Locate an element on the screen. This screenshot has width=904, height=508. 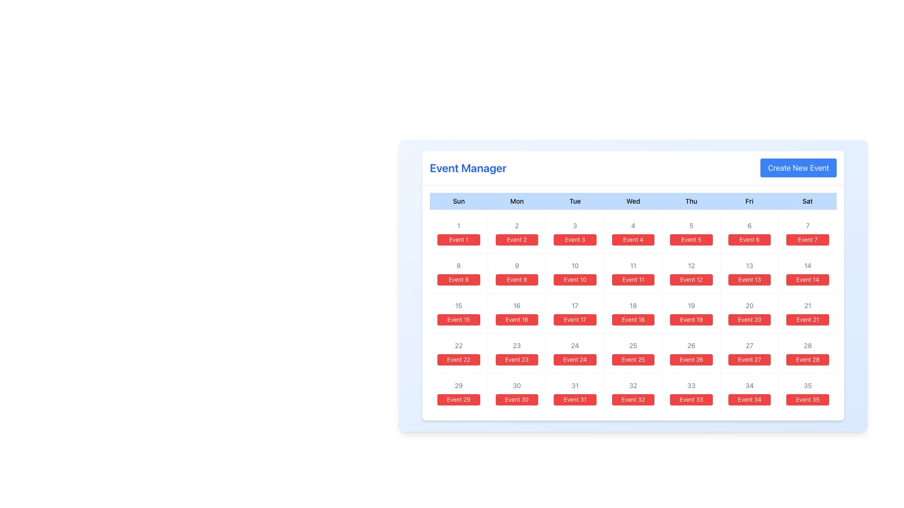
the calendar button corresponding to the 25th day of the month is located at coordinates (633, 359).